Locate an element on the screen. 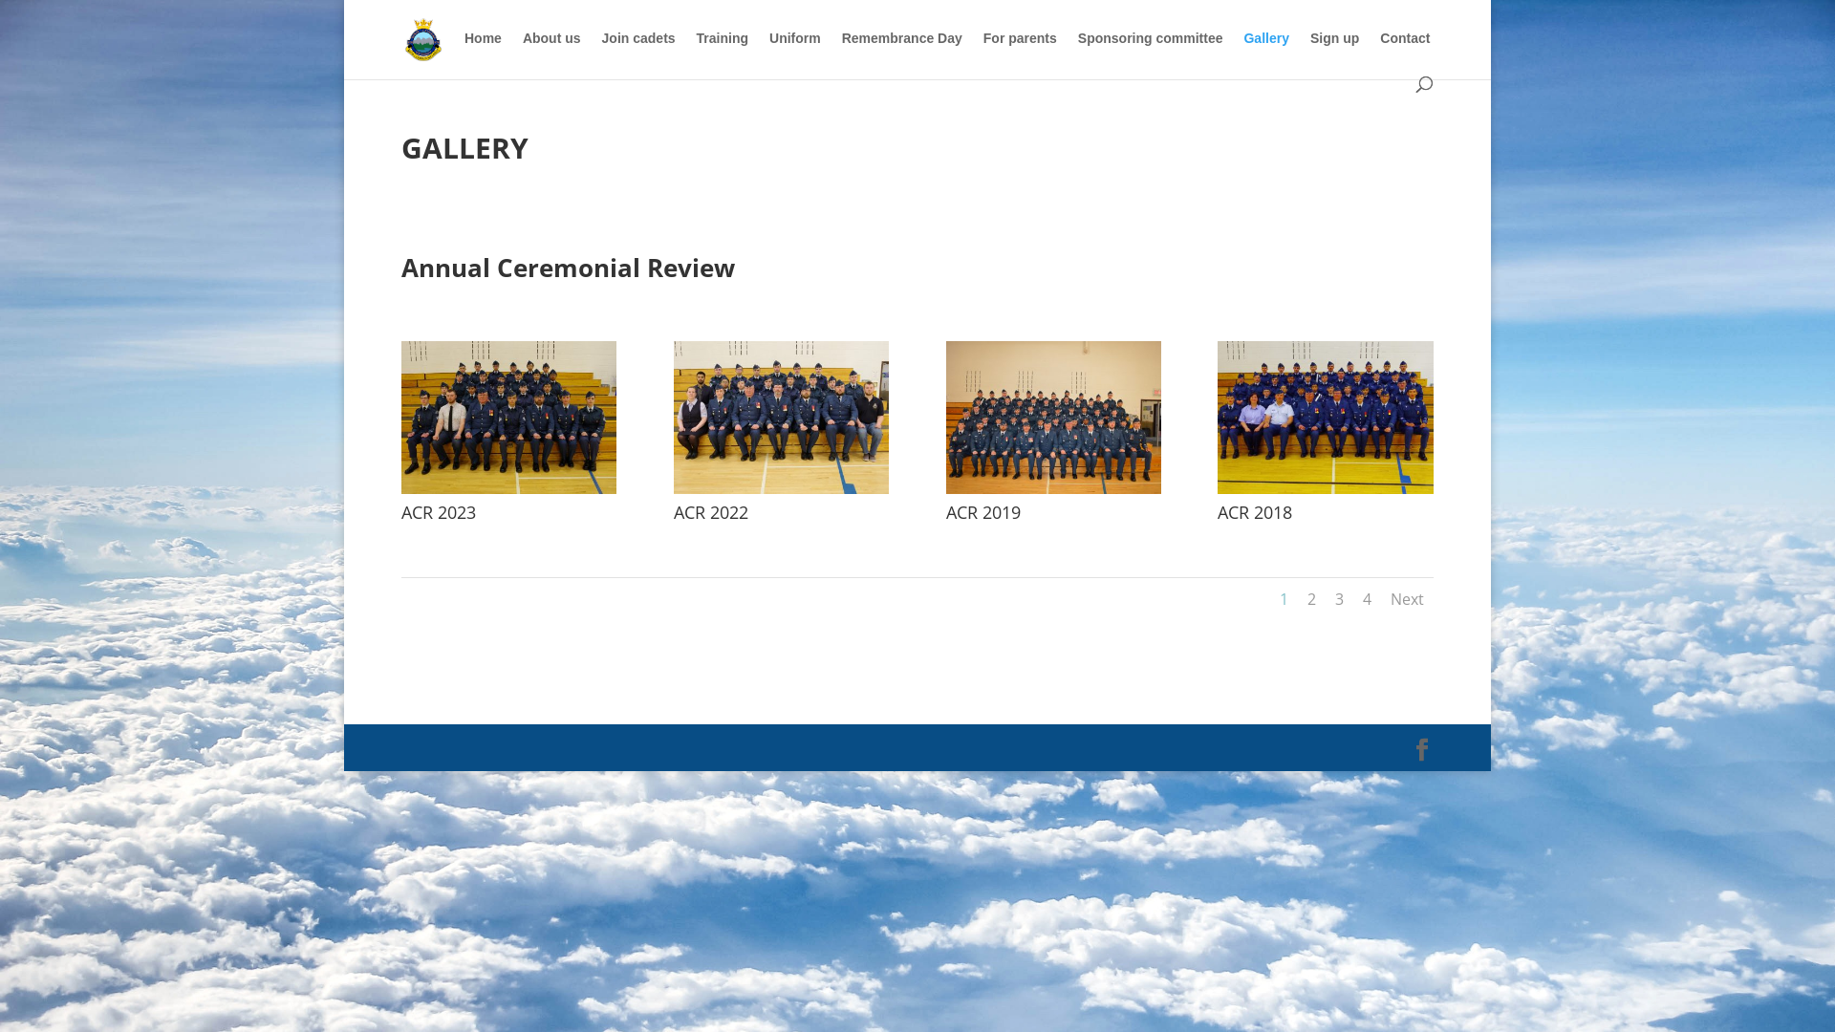 This screenshot has width=1835, height=1032. '1' is located at coordinates (1284, 598).